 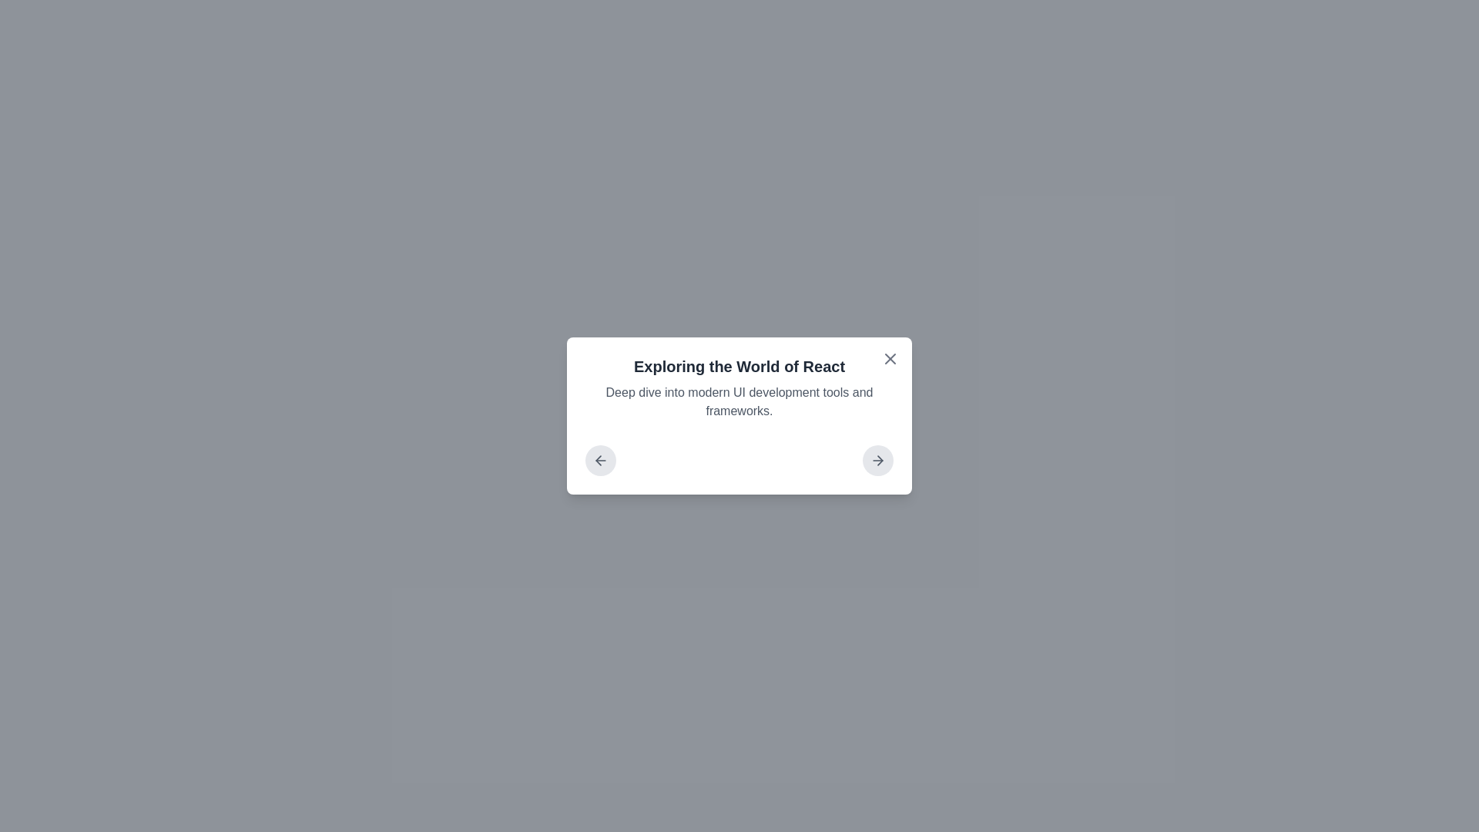 What do you see at coordinates (878, 459) in the screenshot?
I see `the right-pointing arrow icon located at the center-right of the card with the text 'Exploring the World of React' to proceed` at bounding box center [878, 459].